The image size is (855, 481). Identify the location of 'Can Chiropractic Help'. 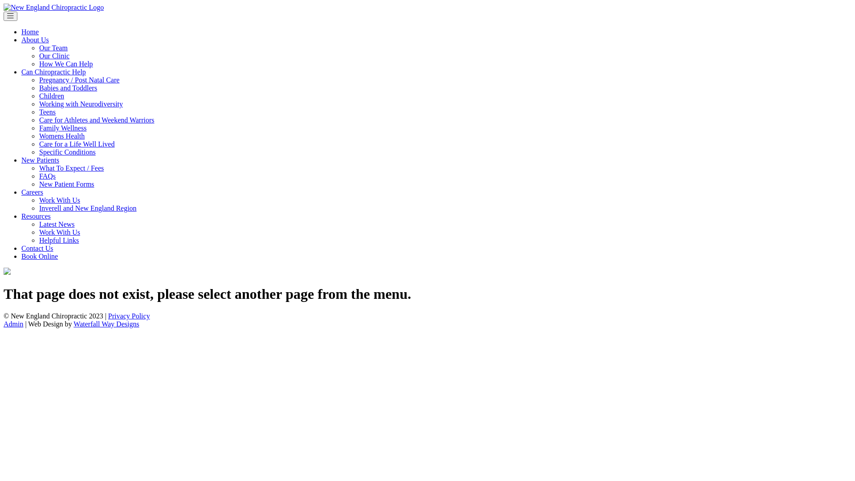
(53, 71).